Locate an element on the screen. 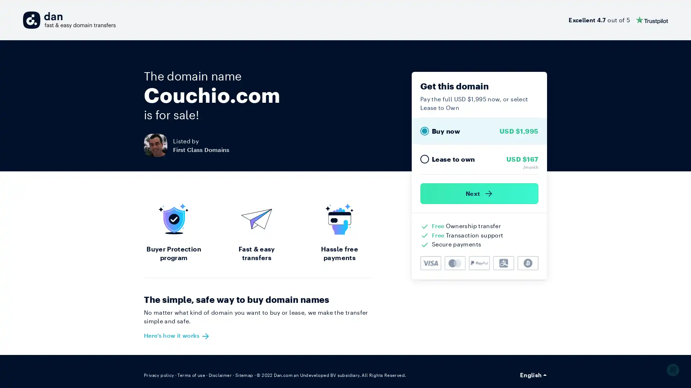  Open Intercom Messenger is located at coordinates (673, 370).